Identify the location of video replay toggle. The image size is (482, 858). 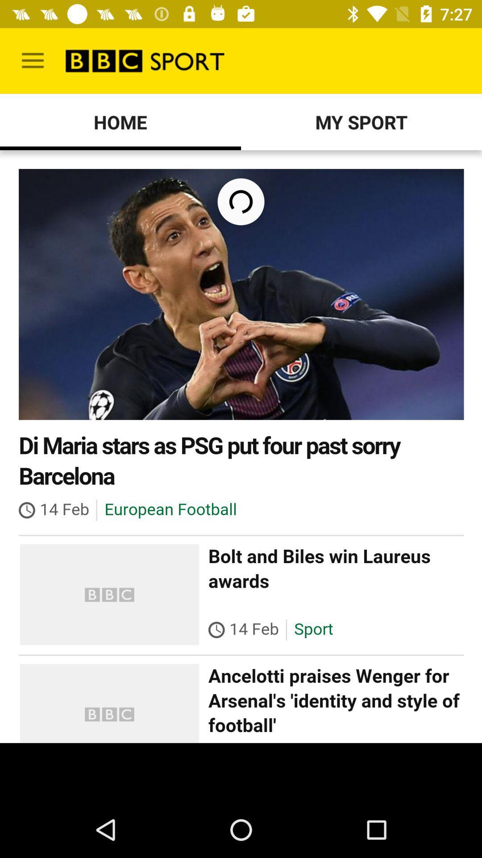
(241, 446).